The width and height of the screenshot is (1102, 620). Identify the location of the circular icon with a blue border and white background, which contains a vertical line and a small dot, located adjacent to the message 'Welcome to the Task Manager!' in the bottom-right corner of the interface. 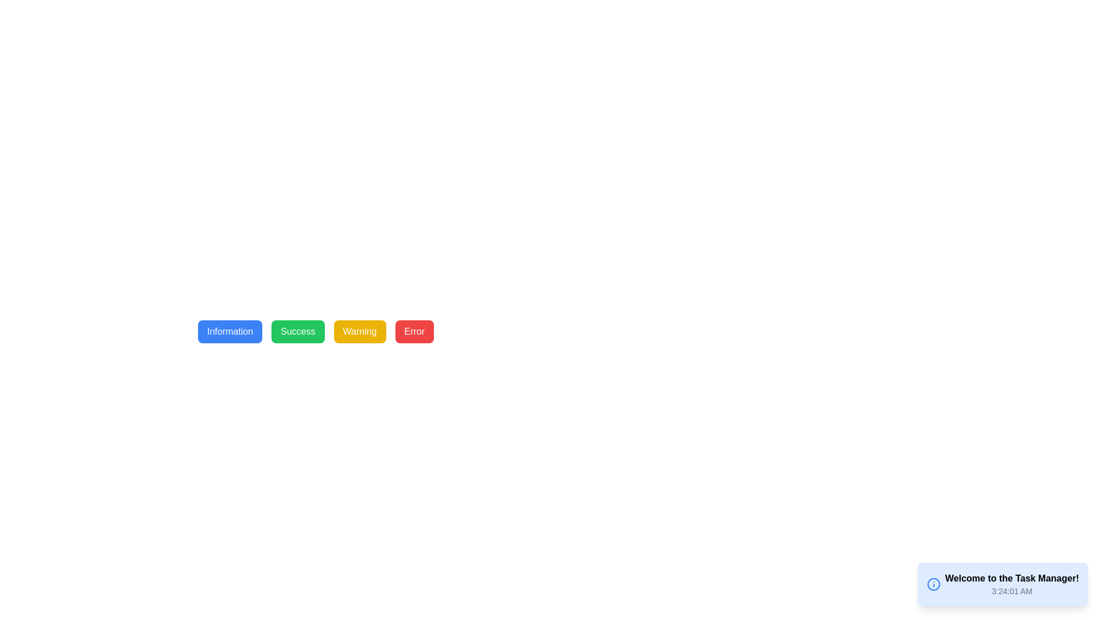
(933, 584).